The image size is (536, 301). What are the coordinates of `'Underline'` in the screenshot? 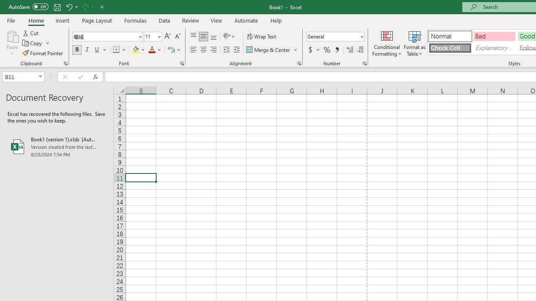 It's located at (97, 50).